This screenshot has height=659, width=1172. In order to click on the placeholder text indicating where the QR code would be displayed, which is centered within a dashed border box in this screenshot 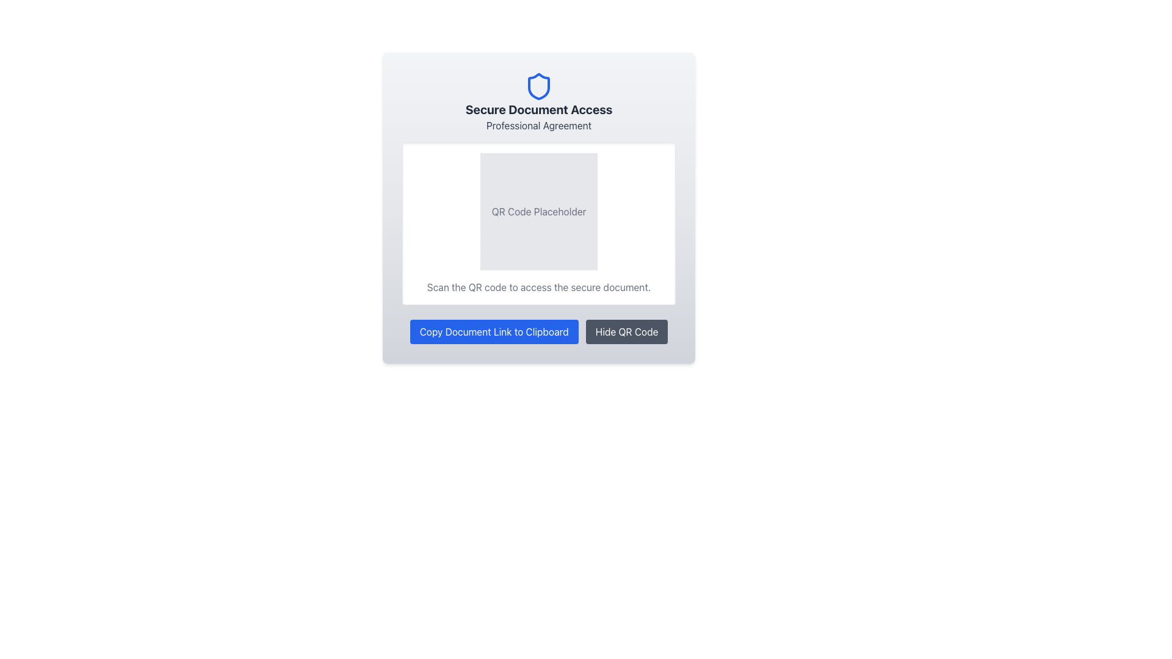, I will do `click(538, 211)`.